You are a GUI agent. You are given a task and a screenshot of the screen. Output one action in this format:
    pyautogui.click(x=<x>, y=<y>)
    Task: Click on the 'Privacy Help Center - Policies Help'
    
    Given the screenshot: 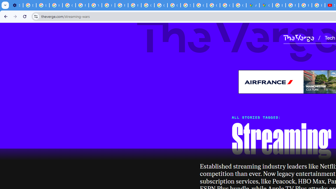 What is the action you would take?
    pyautogui.click(x=305, y=5)
    